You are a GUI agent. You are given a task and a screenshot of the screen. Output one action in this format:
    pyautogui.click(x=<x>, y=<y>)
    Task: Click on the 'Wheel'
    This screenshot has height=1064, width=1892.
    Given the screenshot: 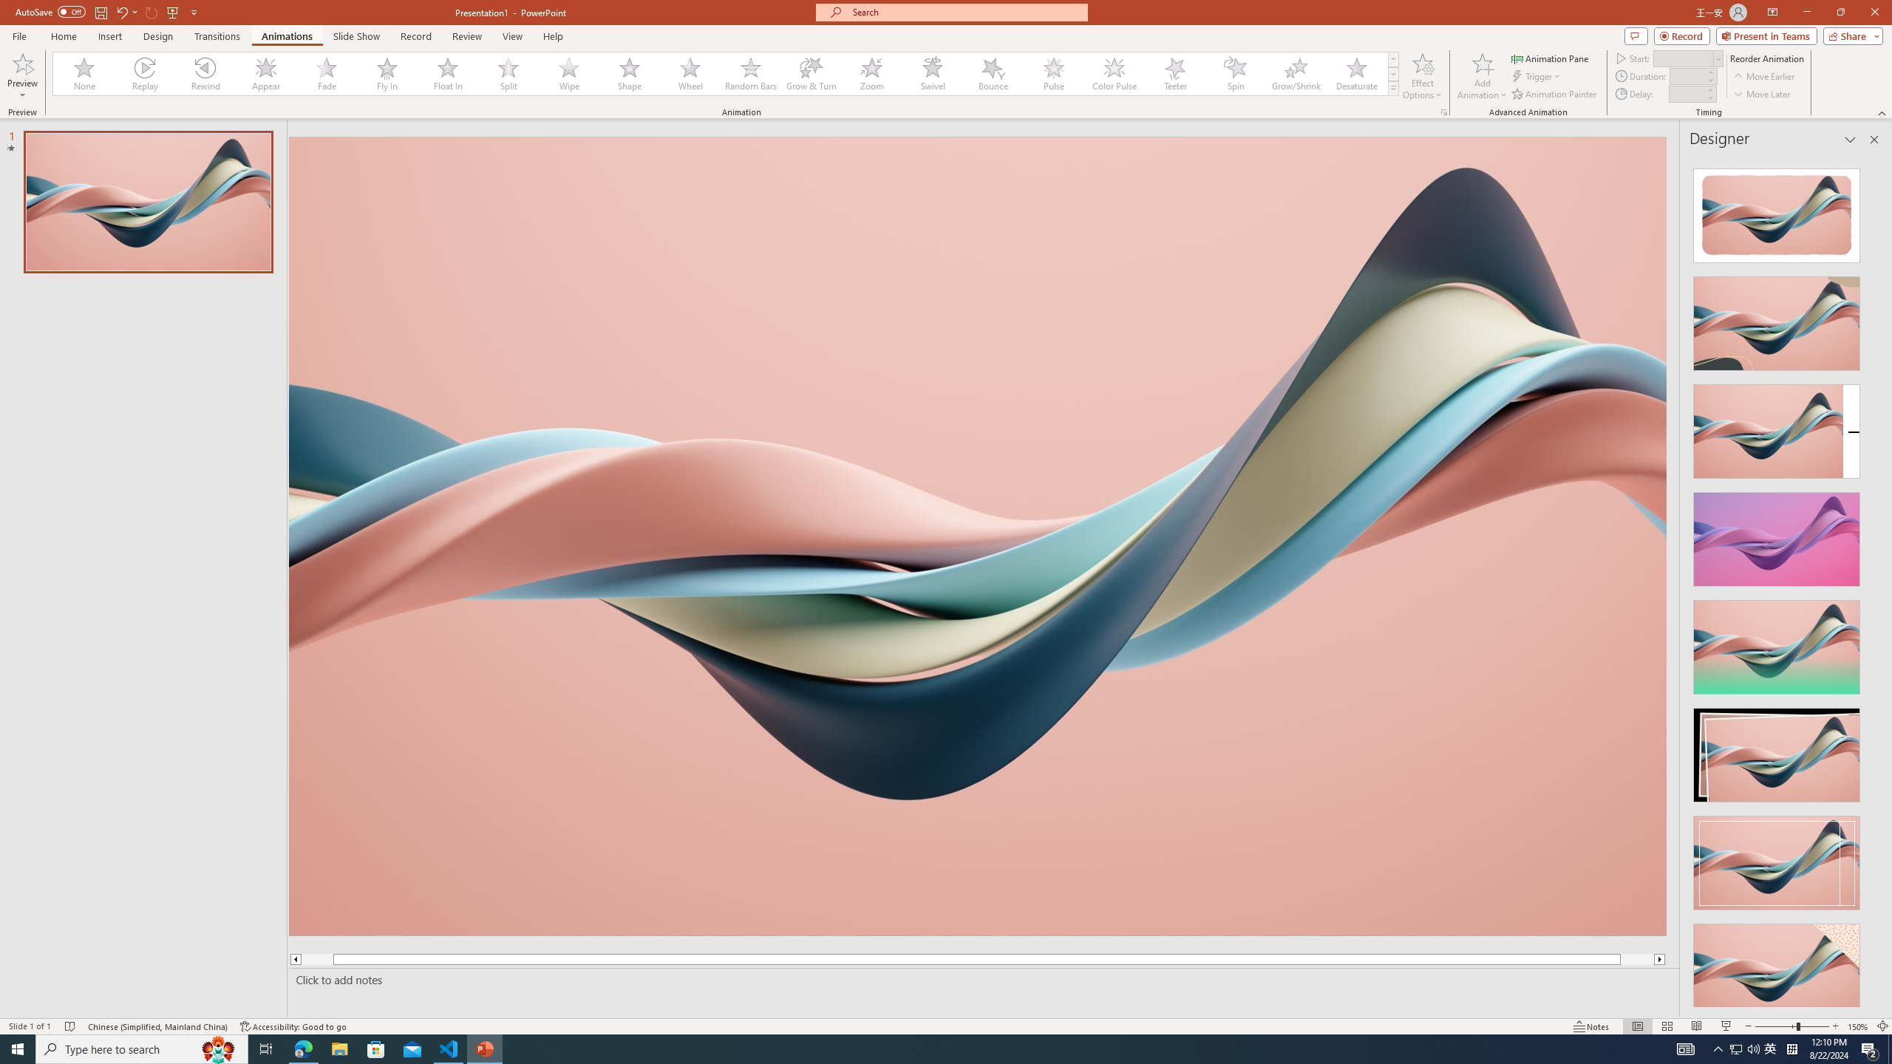 What is the action you would take?
    pyautogui.click(x=690, y=73)
    